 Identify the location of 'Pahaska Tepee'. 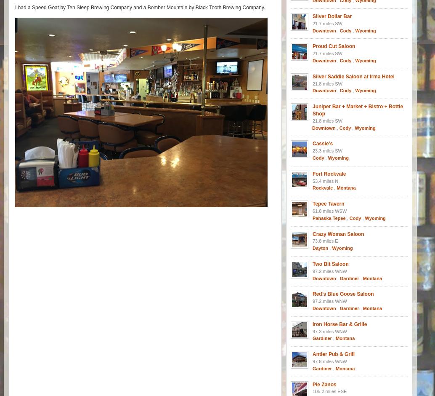
(329, 217).